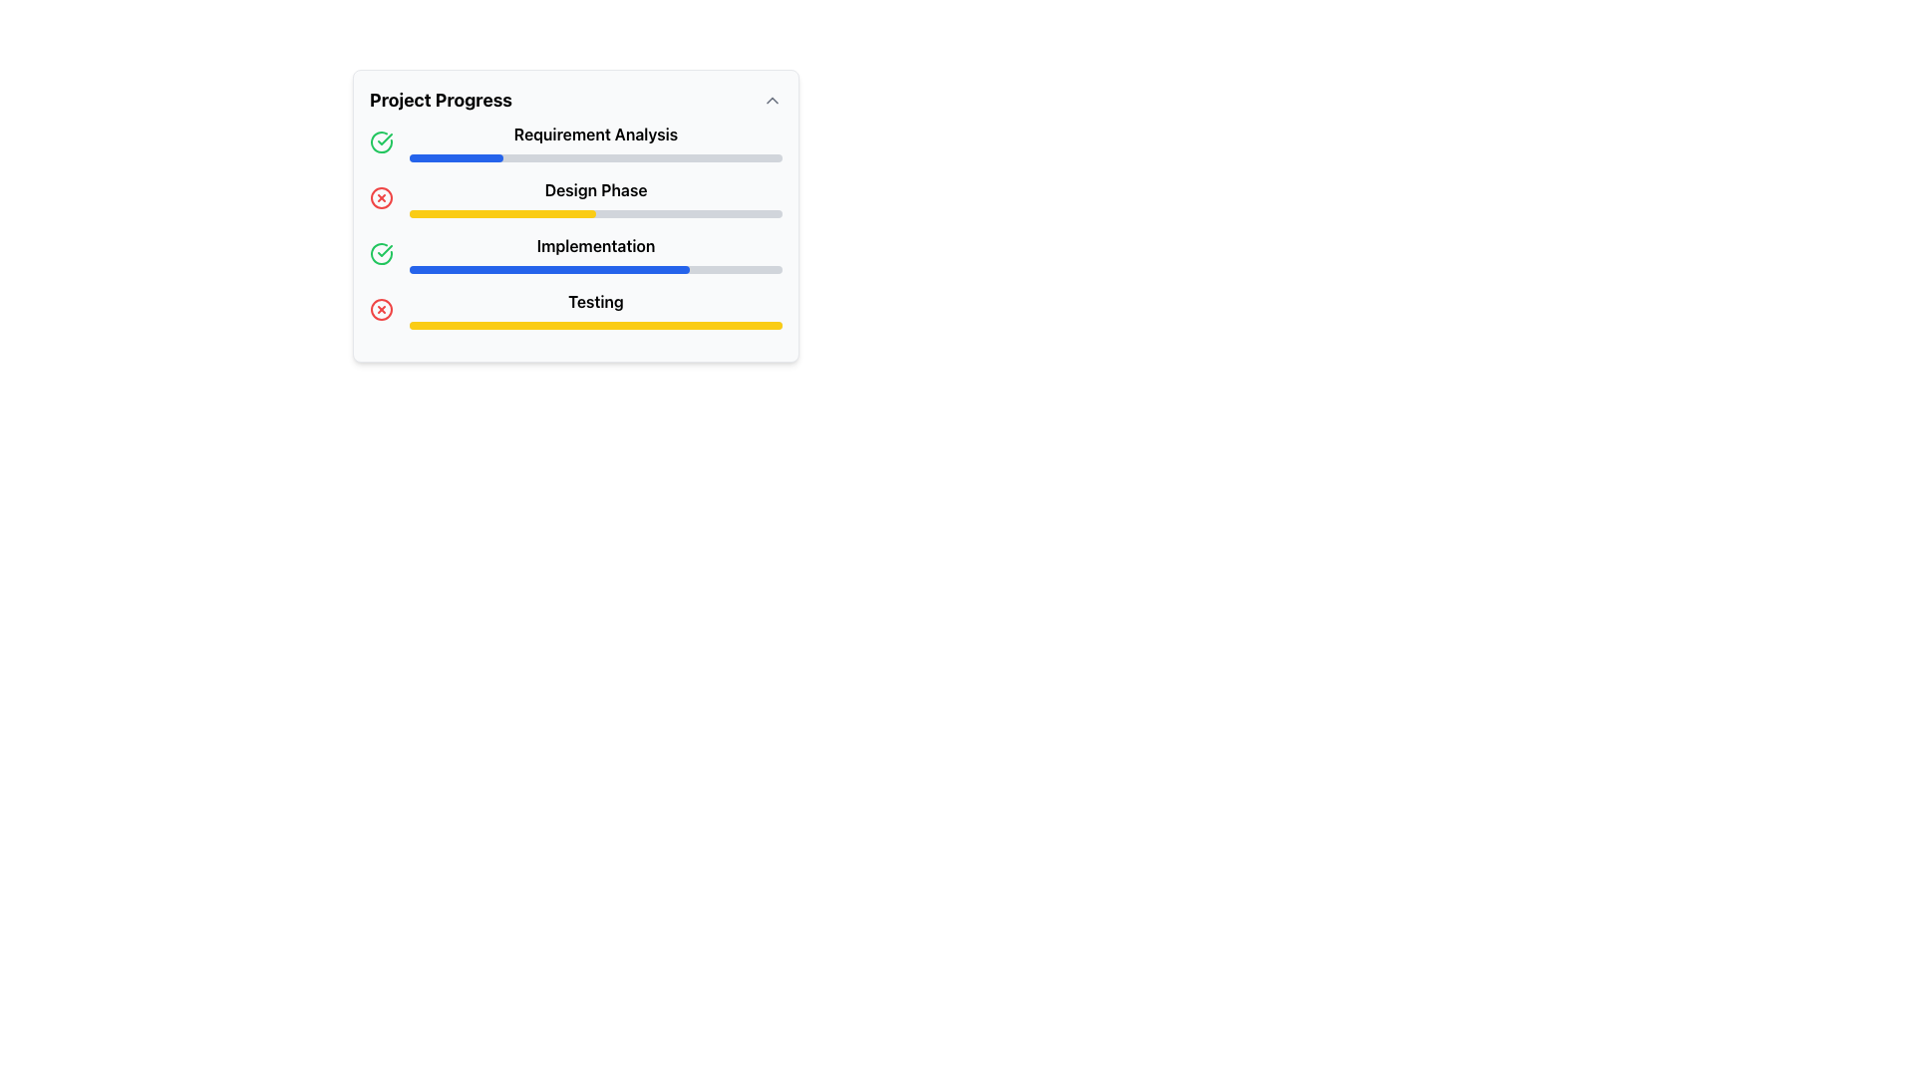  I want to click on the filled portion of the Progress Bar Segment representing the 'Requirement Analysis' phase in the progress tracking interface, so click(455, 156).